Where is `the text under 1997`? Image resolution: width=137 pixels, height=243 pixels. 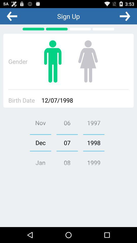
the text under 1997 is located at coordinates (94, 143).